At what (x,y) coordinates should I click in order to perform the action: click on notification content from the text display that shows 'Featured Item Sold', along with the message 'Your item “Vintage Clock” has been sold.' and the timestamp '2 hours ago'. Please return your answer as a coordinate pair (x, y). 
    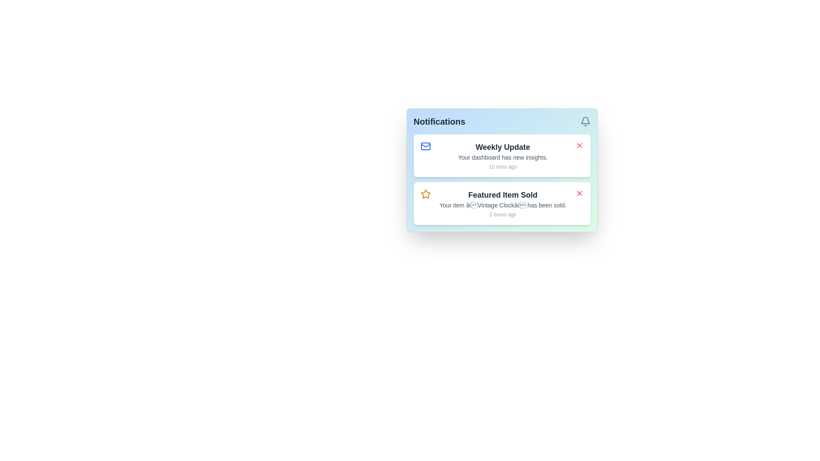
    Looking at the image, I should click on (503, 204).